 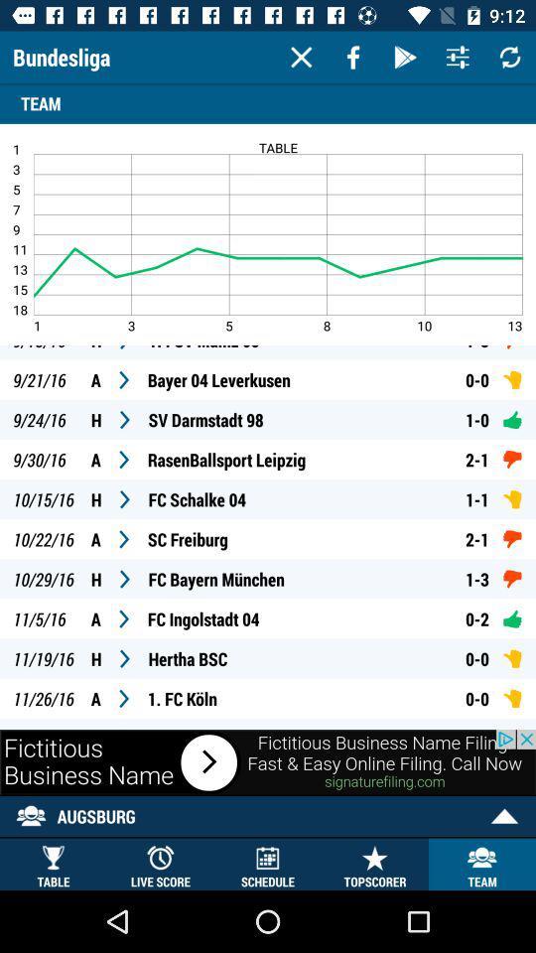 What do you see at coordinates (300, 56) in the screenshot?
I see `the close icon` at bounding box center [300, 56].